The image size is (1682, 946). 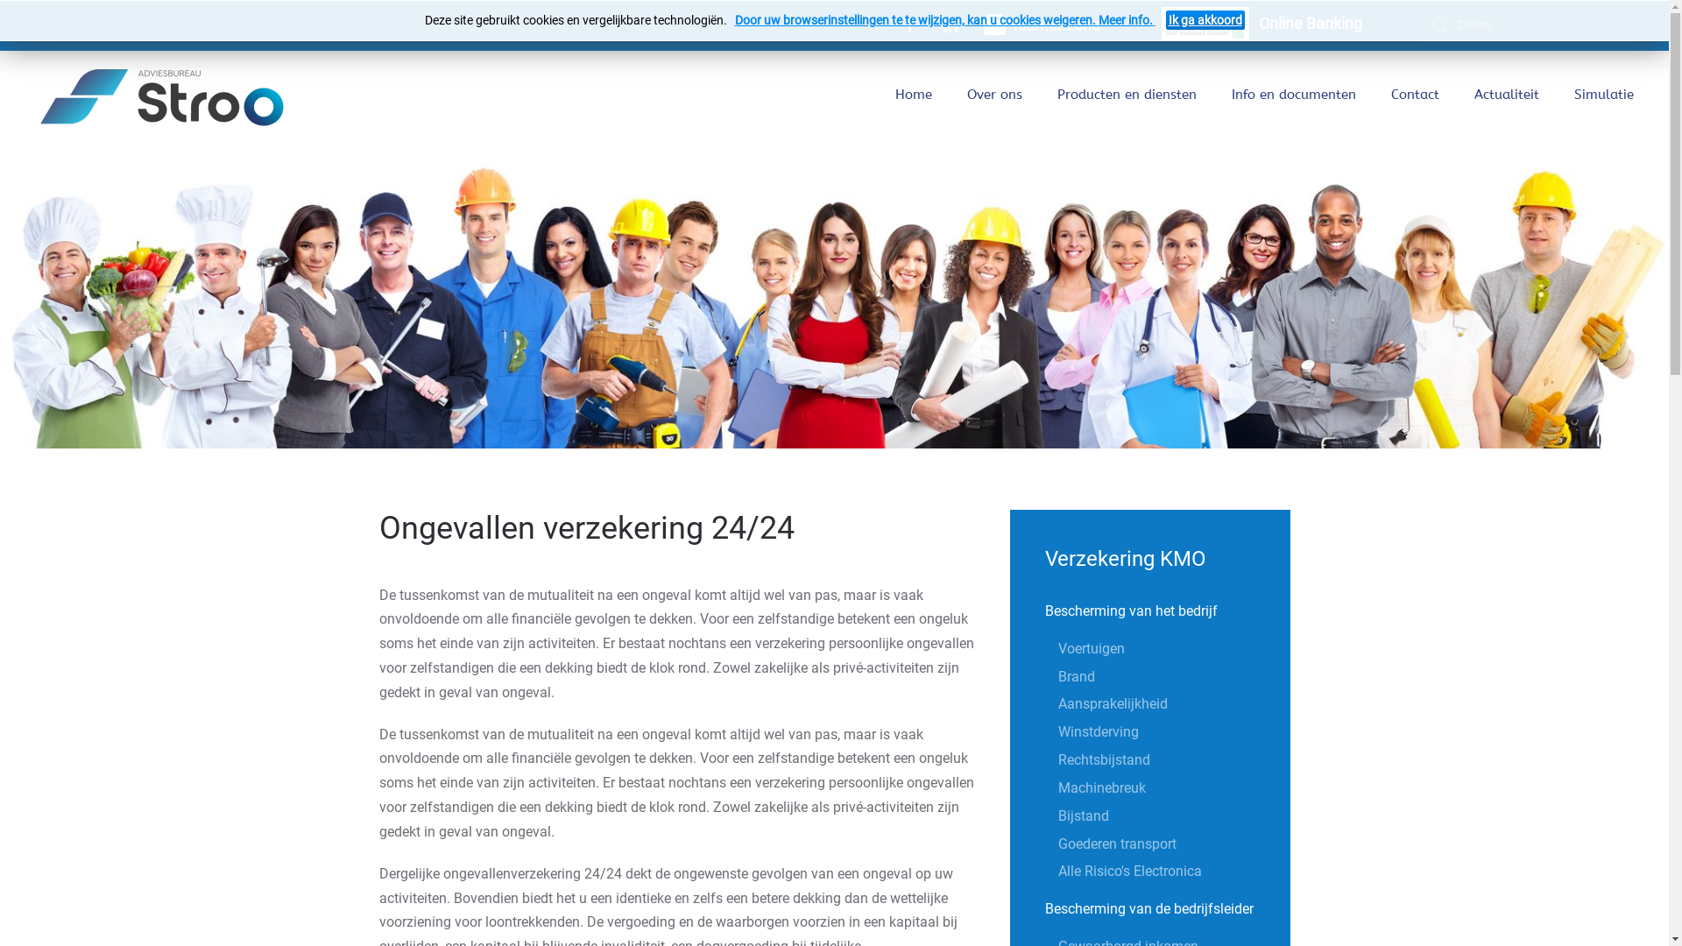 What do you see at coordinates (1174, 702) in the screenshot?
I see `'Aansprakelijkheid'` at bounding box center [1174, 702].